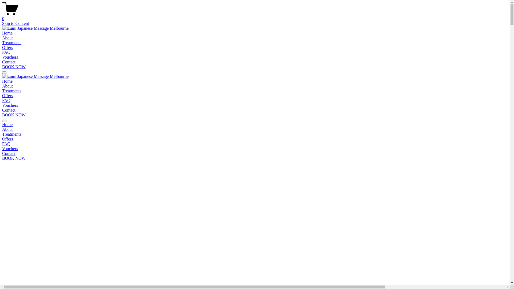 The height and width of the screenshot is (289, 514). Describe the element at coordinates (255, 139) in the screenshot. I see `'Offers'` at that location.